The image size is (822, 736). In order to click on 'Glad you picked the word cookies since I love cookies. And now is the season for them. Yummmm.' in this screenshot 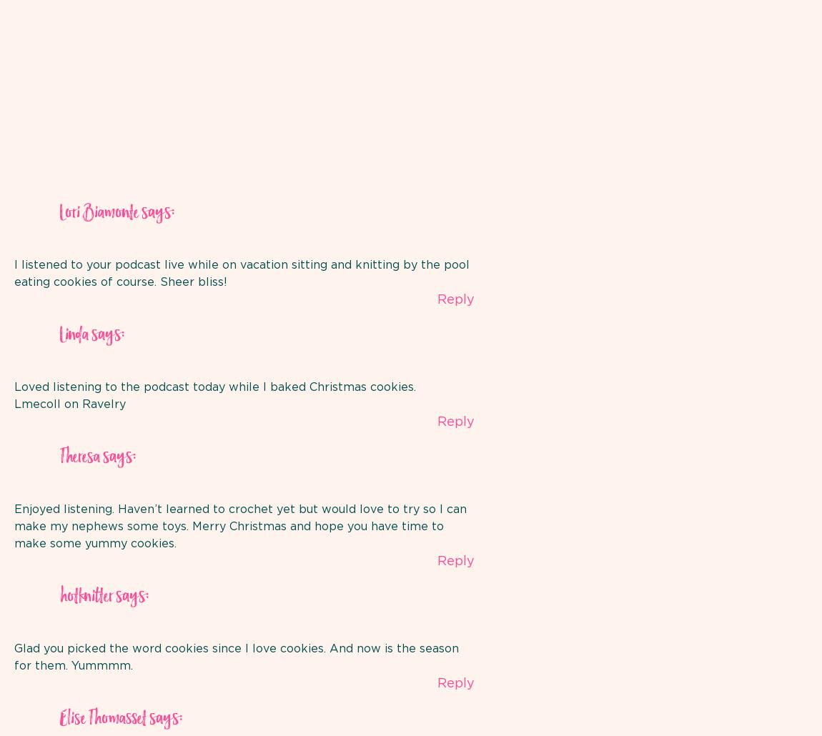, I will do `click(236, 656)`.